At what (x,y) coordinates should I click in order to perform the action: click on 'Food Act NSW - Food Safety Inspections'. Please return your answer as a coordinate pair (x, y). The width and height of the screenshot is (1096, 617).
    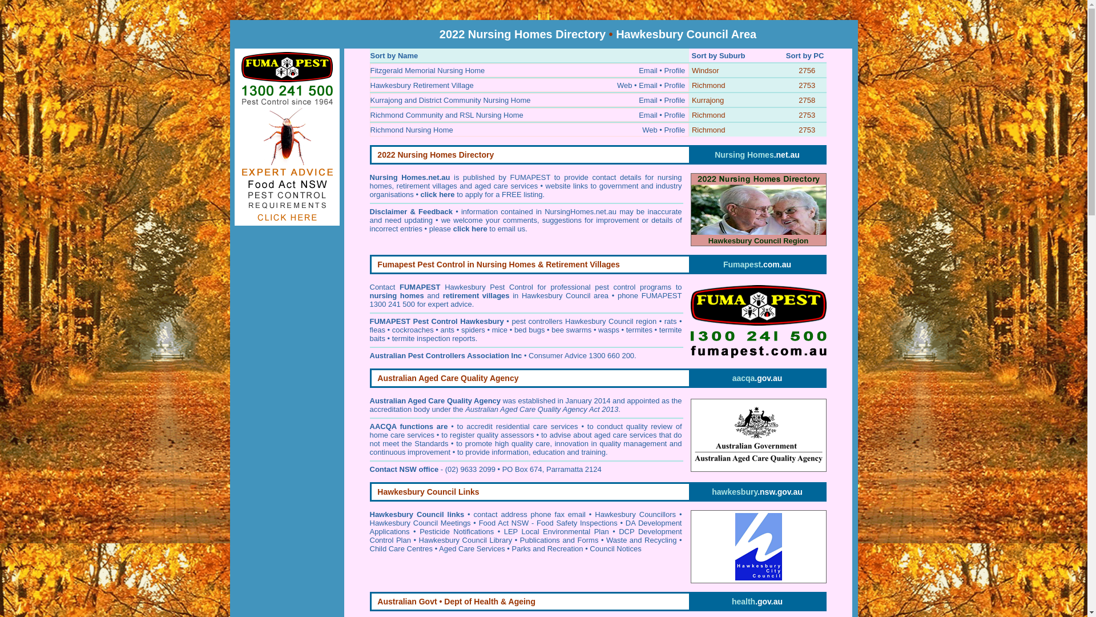
    Looking at the image, I should click on (548, 523).